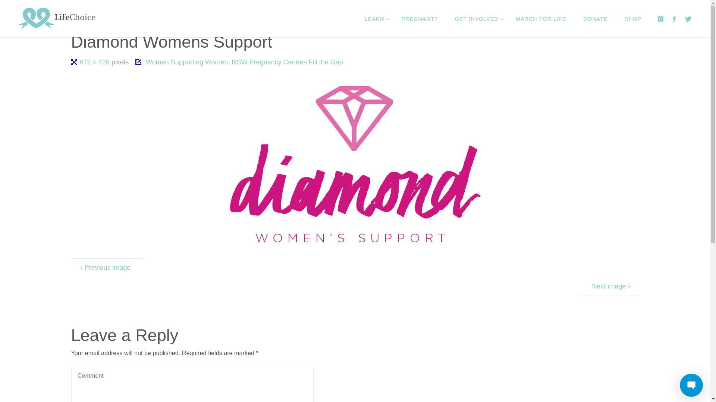  I want to click on 'Twitter', so click(688, 18).